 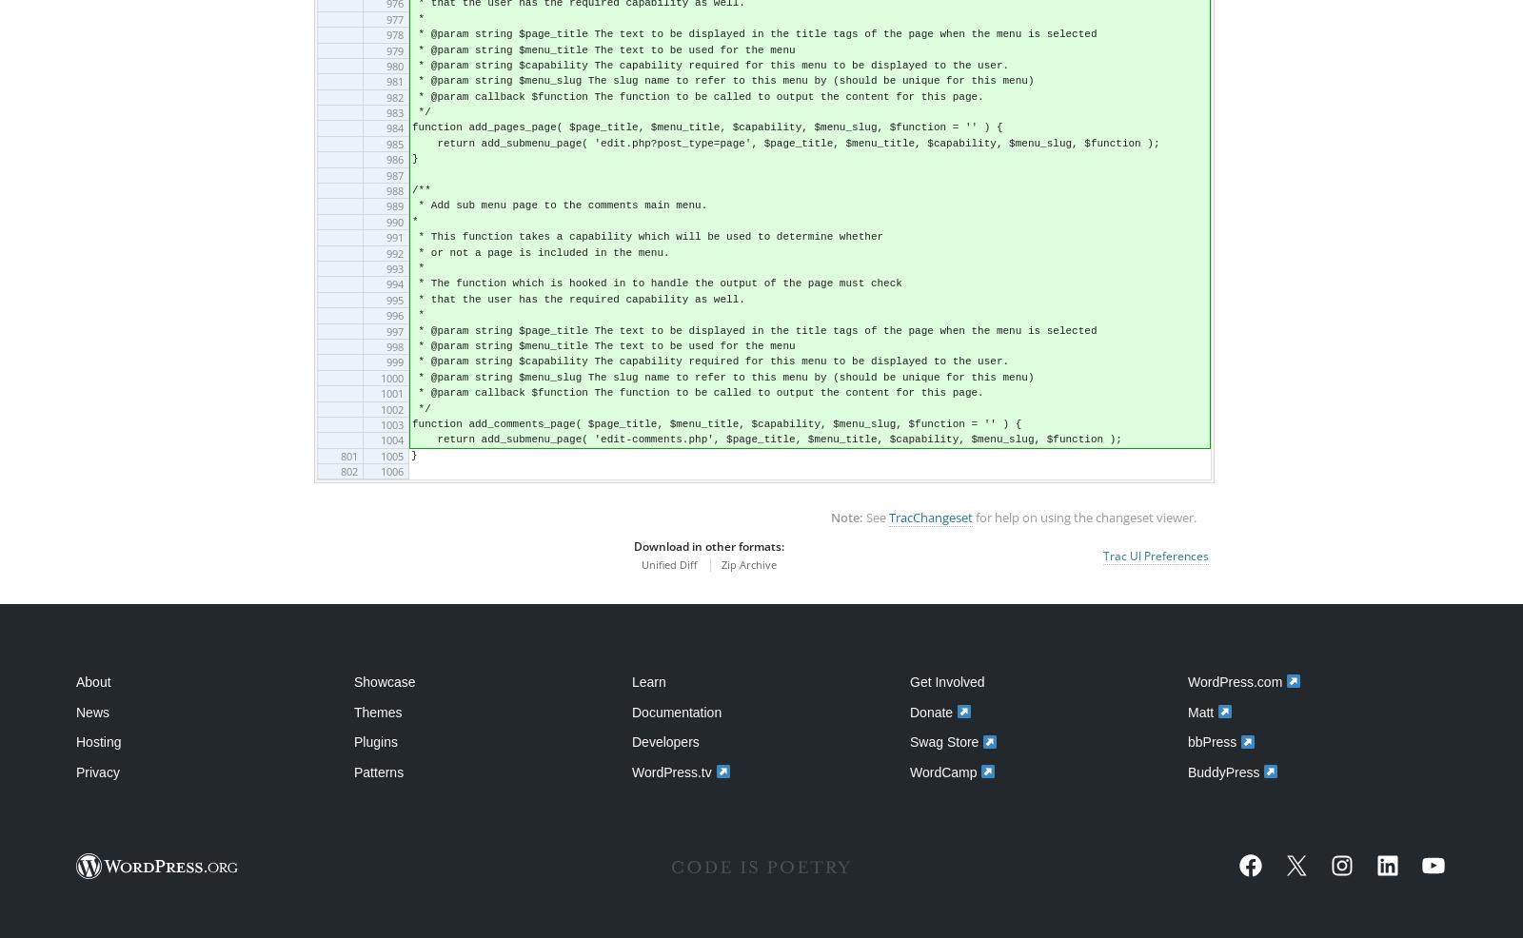 I want to click on '992', so click(x=384, y=252).